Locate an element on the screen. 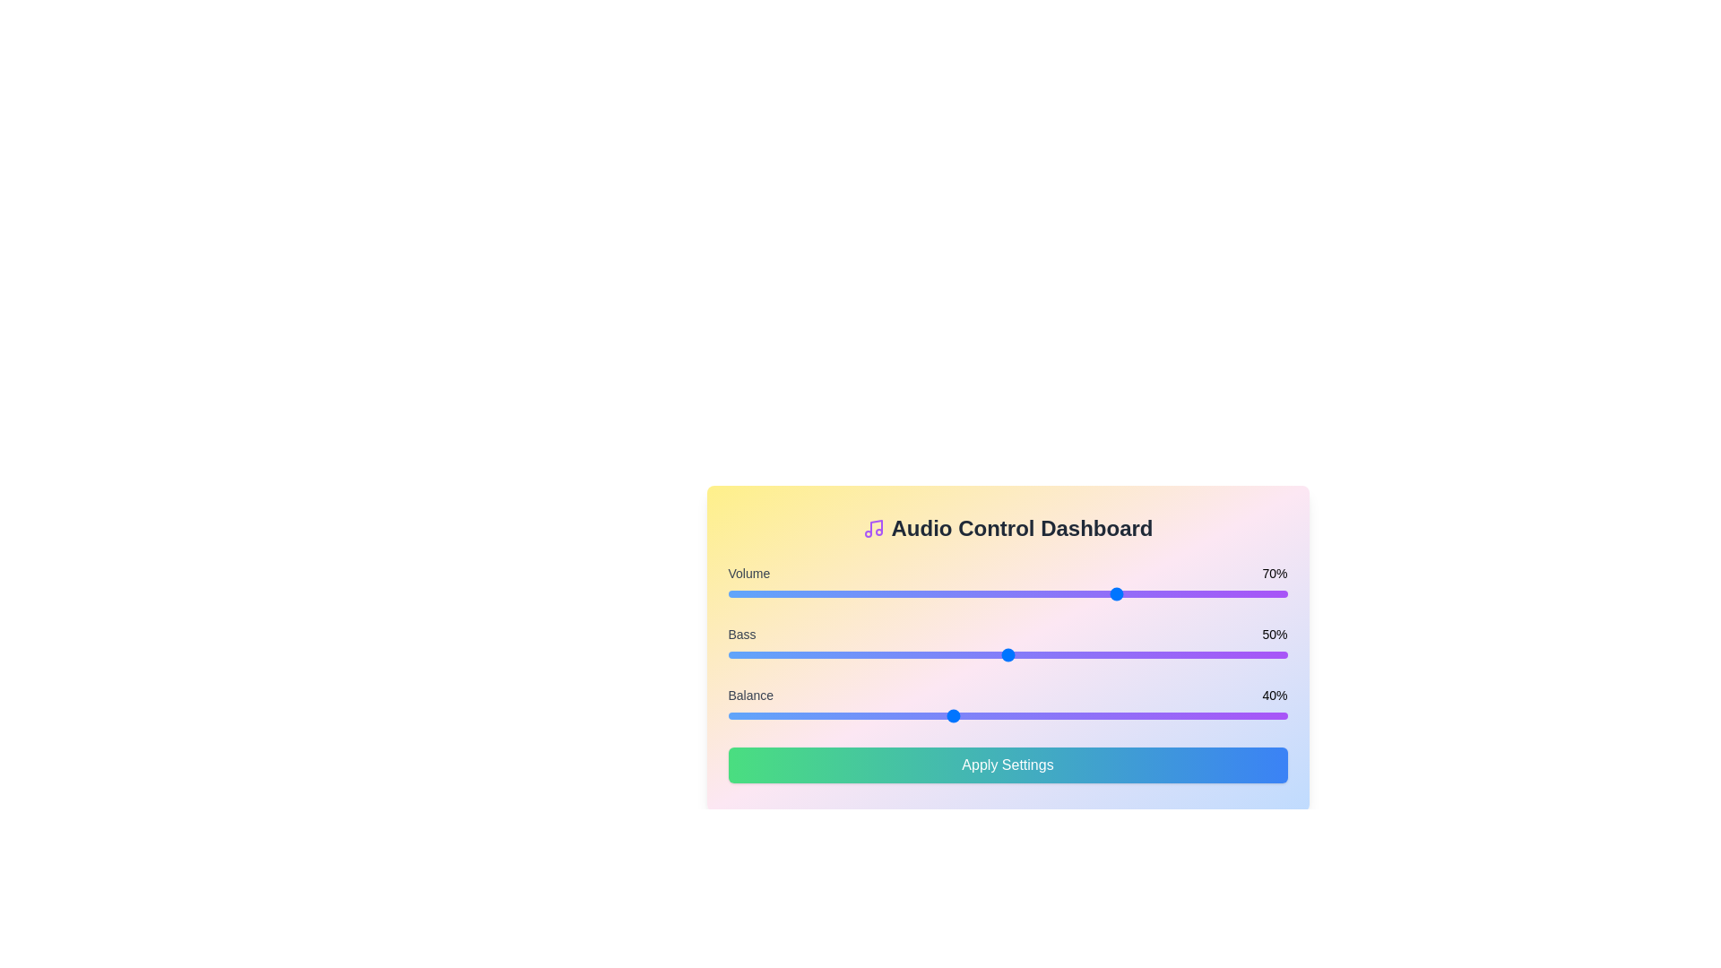  bass level is located at coordinates (761, 655).